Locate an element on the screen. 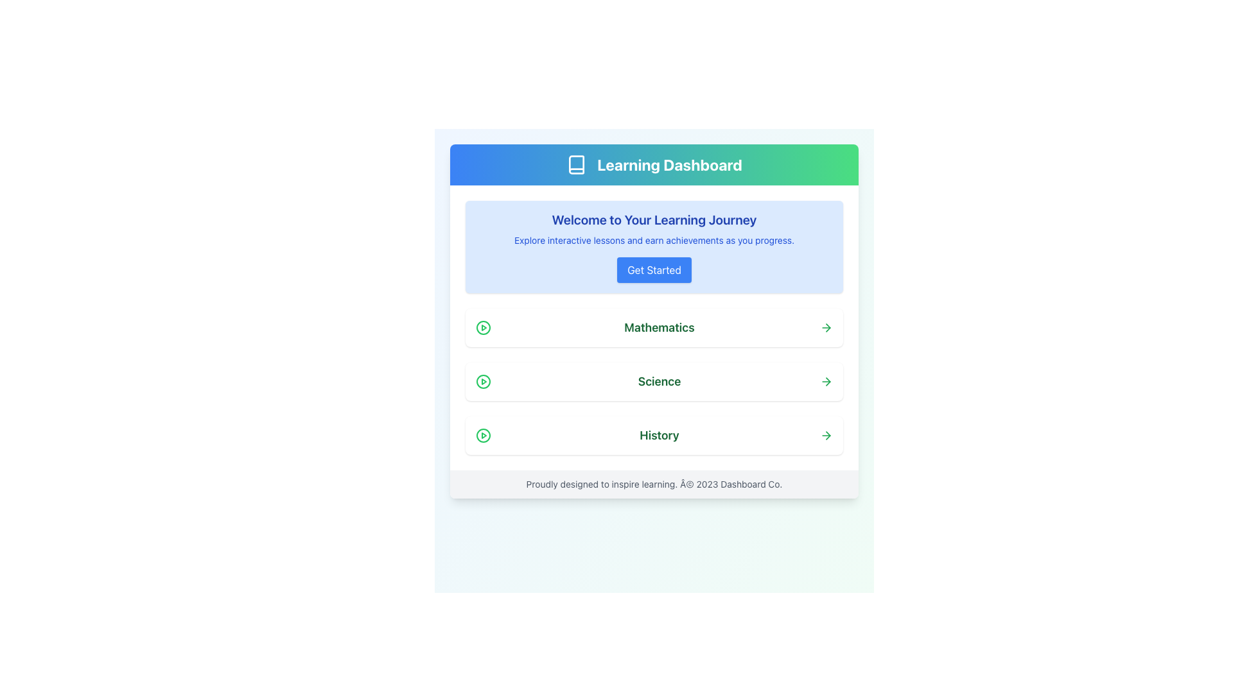 This screenshot has height=693, width=1233. the right-pointing Arrow Icon located to the right of the 'Science' list item in the content section of the dashboard to proceed to details or lessons related to the 'Science' topic is located at coordinates (828, 381).